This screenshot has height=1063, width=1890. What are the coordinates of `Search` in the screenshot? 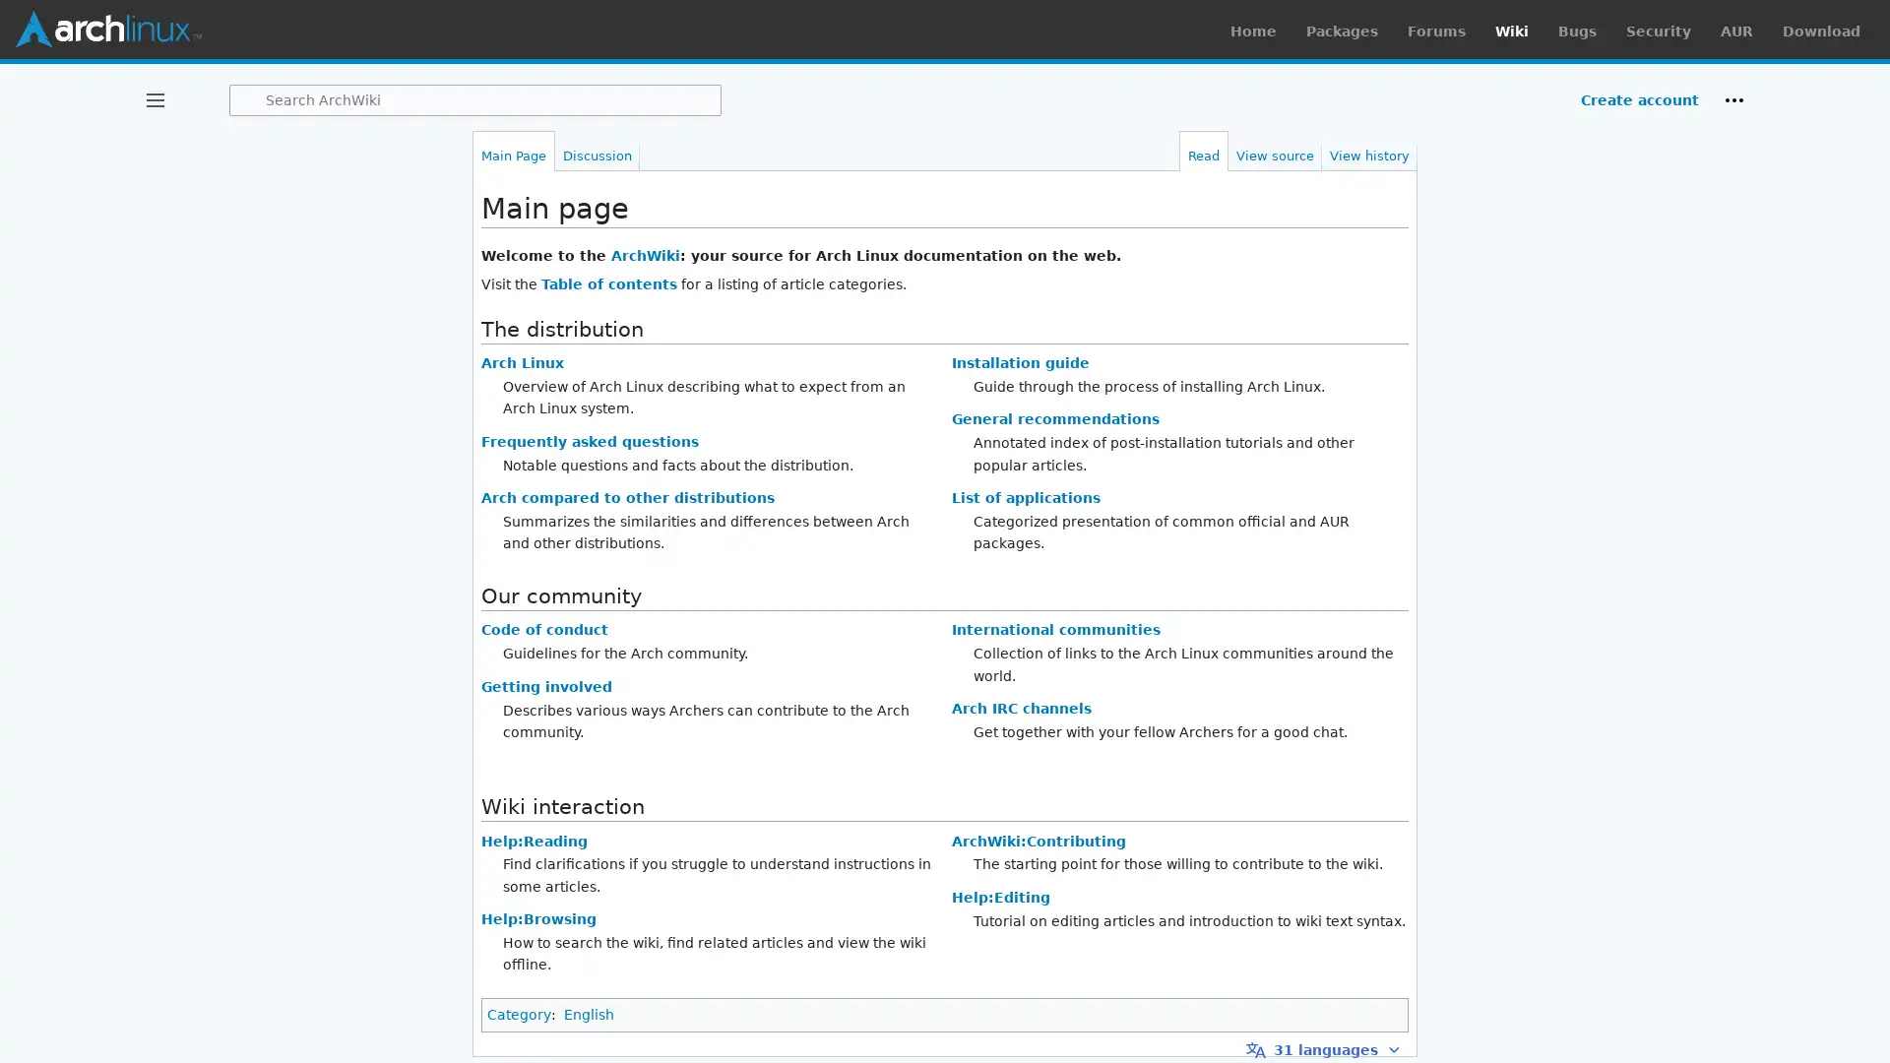 It's located at (247, 99).